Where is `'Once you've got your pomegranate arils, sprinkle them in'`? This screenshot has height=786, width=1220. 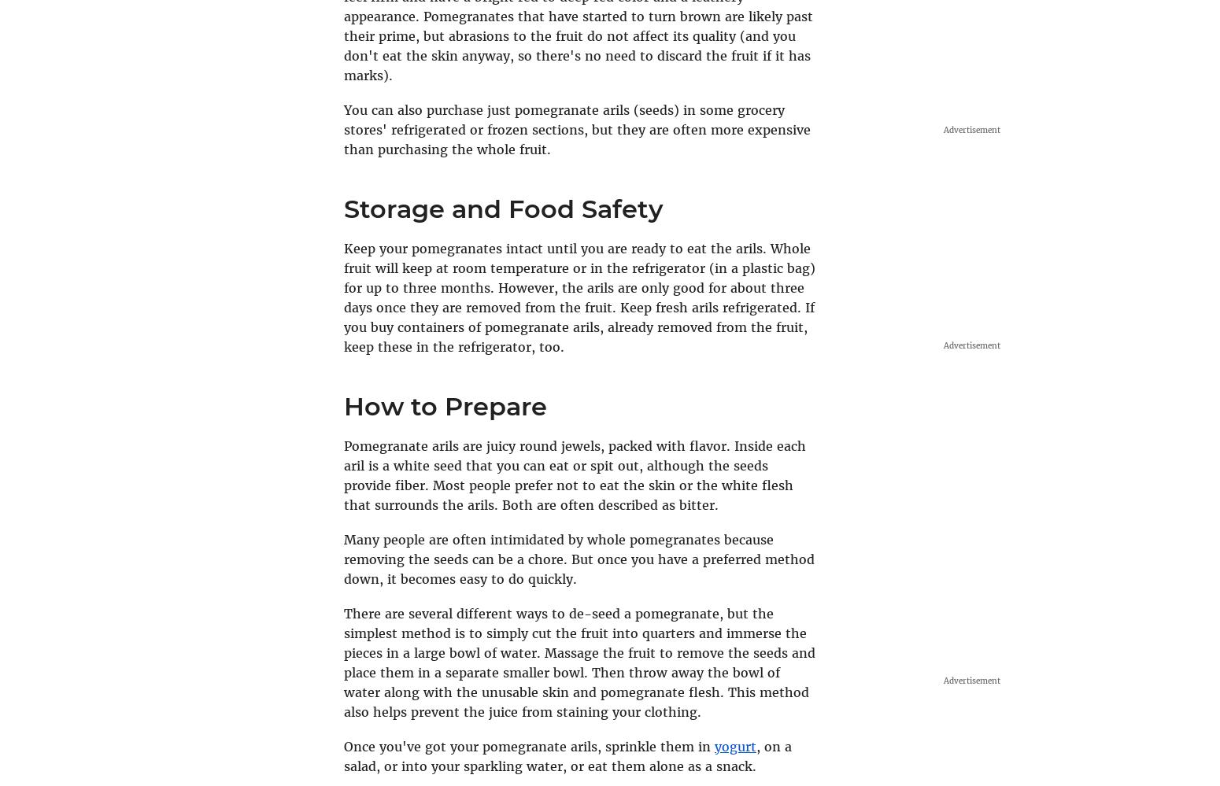 'Once you've got your pomegranate arils, sprinkle them in' is located at coordinates (528, 745).